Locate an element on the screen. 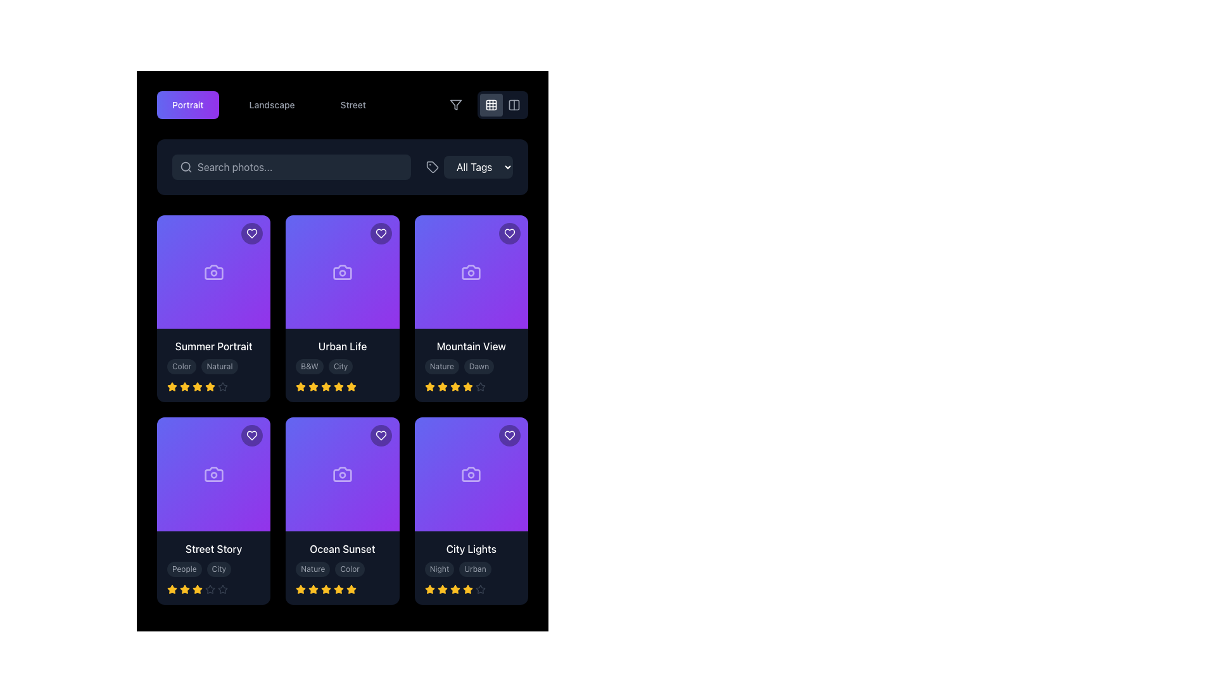 The image size is (1216, 684). the 'Nature' badge, which is a small rounded rectangular label with light gray text on a dark gray background, located at the bottom of the 'Mountain View' card, adjacent to the 'Dawn' badge is located at coordinates (441, 367).